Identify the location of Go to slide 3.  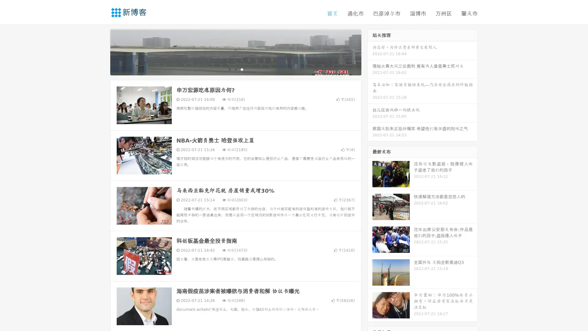
(242, 69).